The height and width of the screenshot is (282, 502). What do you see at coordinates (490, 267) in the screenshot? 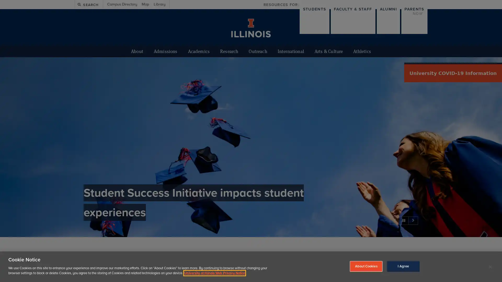
I see `Close` at bounding box center [490, 267].